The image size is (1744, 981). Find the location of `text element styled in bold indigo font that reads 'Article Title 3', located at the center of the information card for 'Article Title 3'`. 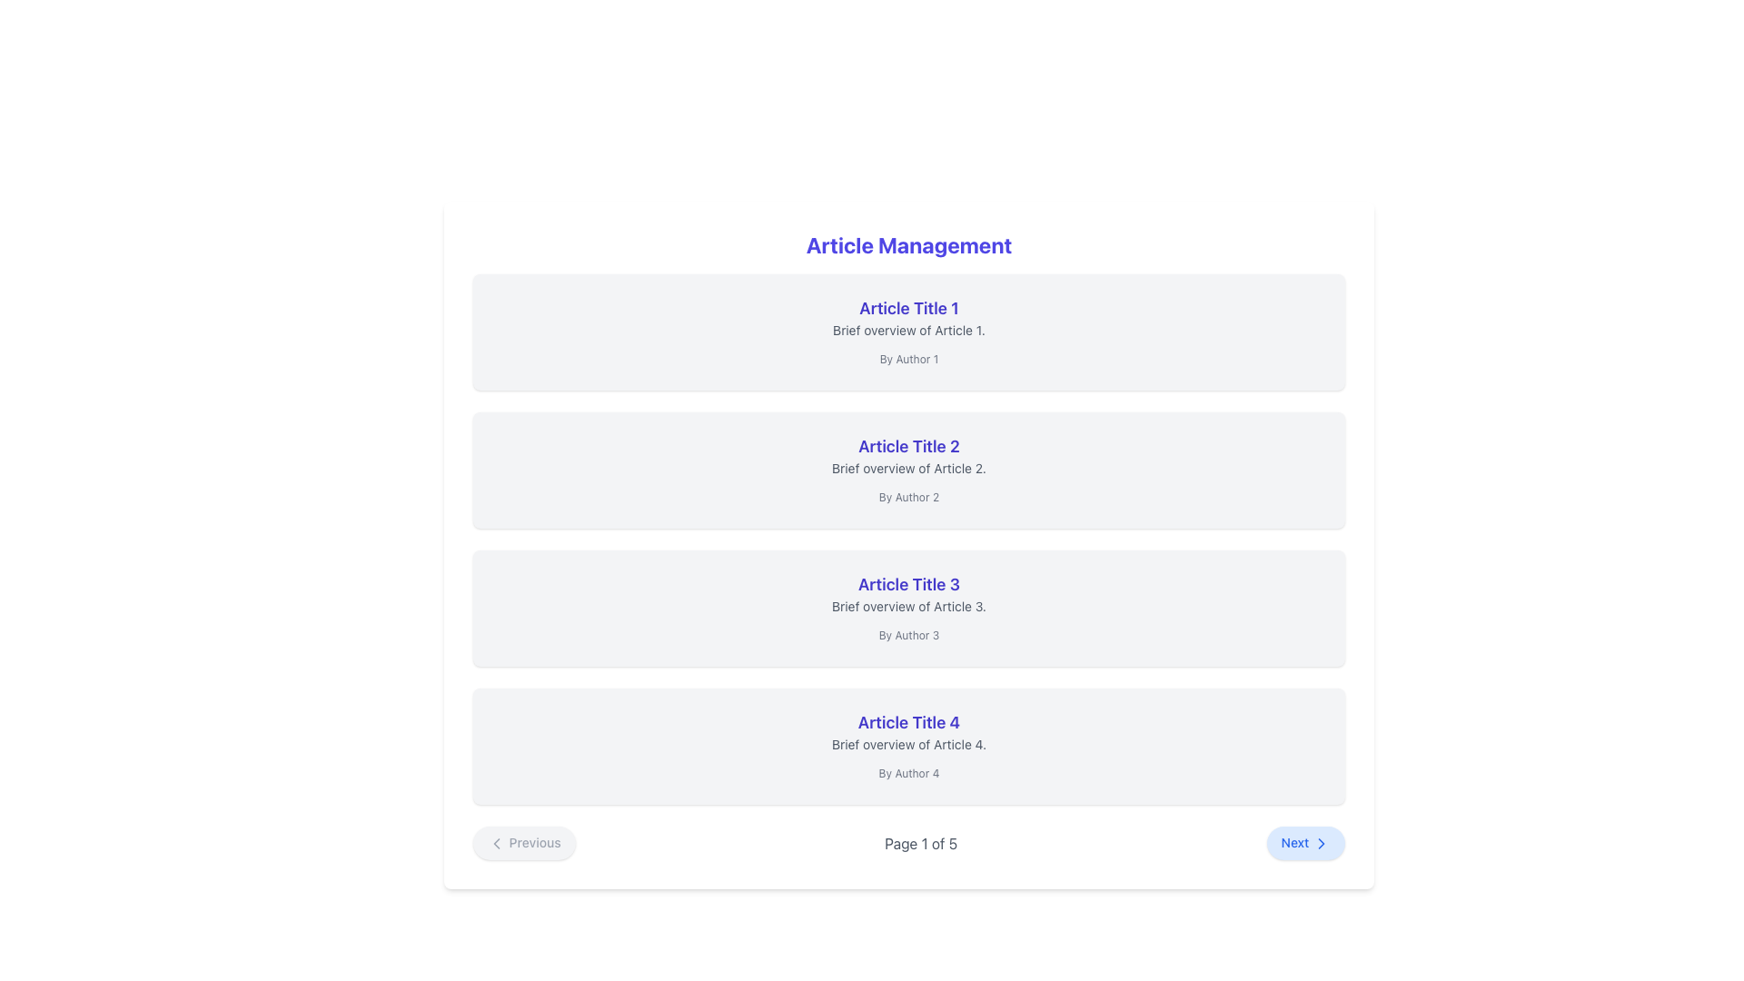

text element styled in bold indigo font that reads 'Article Title 3', located at the center of the information card for 'Article Title 3' is located at coordinates (909, 585).